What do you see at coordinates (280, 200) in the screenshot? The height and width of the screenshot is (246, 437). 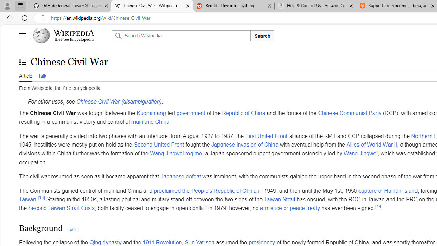 I see `'Taiwan Strait'` at bounding box center [280, 200].